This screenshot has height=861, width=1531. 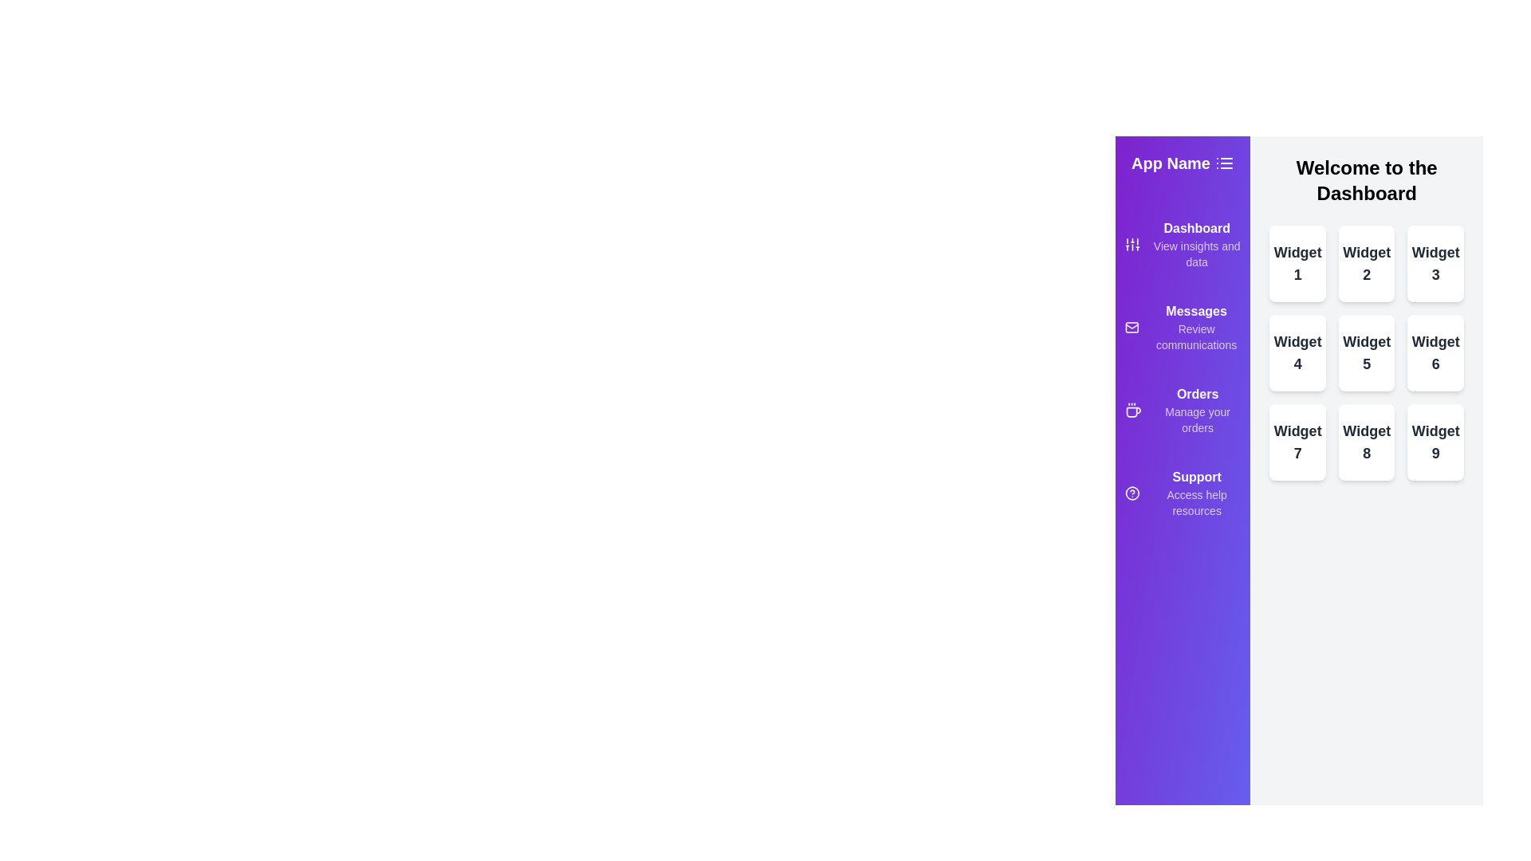 I want to click on the toggle button in the drawer header to toggle its visibility, so click(x=1224, y=163).